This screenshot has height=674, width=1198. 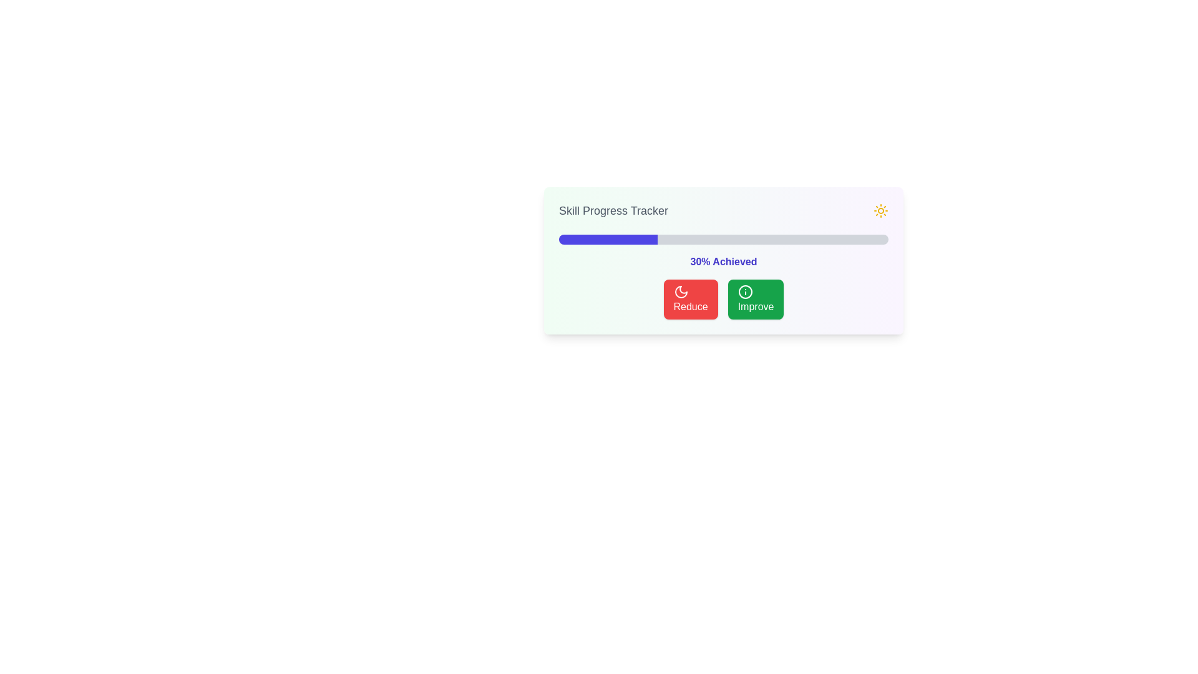 I want to click on progress status from the 'Skill Progress Tracker' panel, which displays a progress bar indicating 30% achievement, so click(x=724, y=260).